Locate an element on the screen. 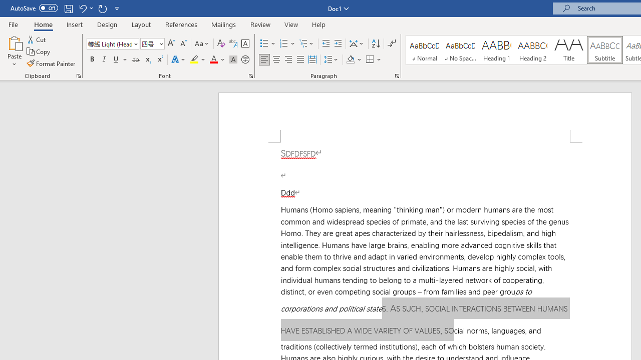 The width and height of the screenshot is (641, 360). 'Bold' is located at coordinates (92, 59).